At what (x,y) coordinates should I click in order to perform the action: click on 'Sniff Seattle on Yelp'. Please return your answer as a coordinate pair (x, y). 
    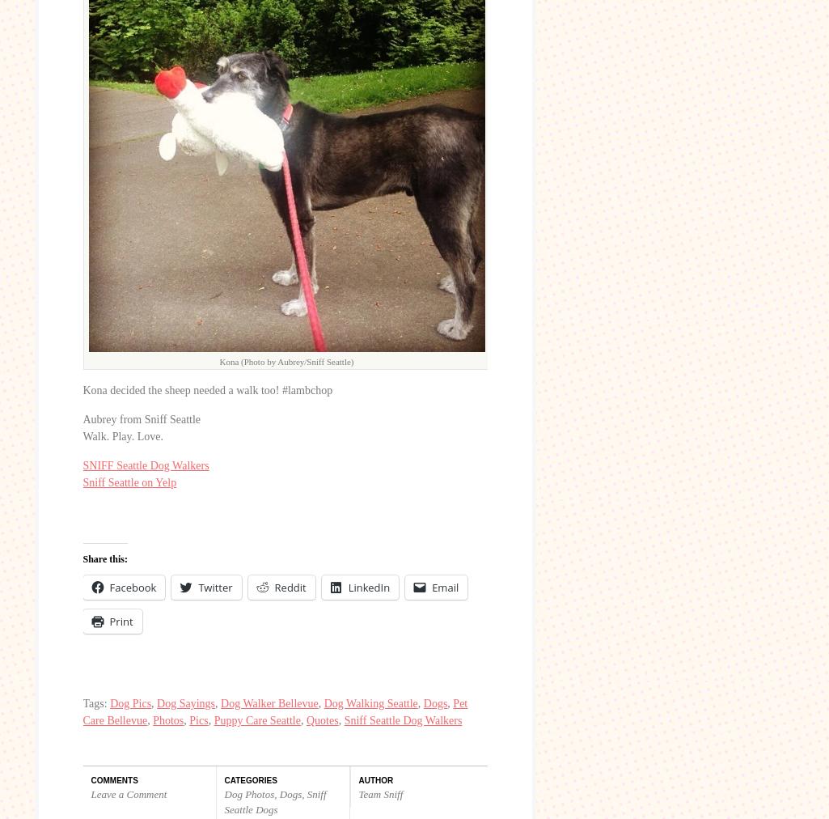
    Looking at the image, I should click on (82, 482).